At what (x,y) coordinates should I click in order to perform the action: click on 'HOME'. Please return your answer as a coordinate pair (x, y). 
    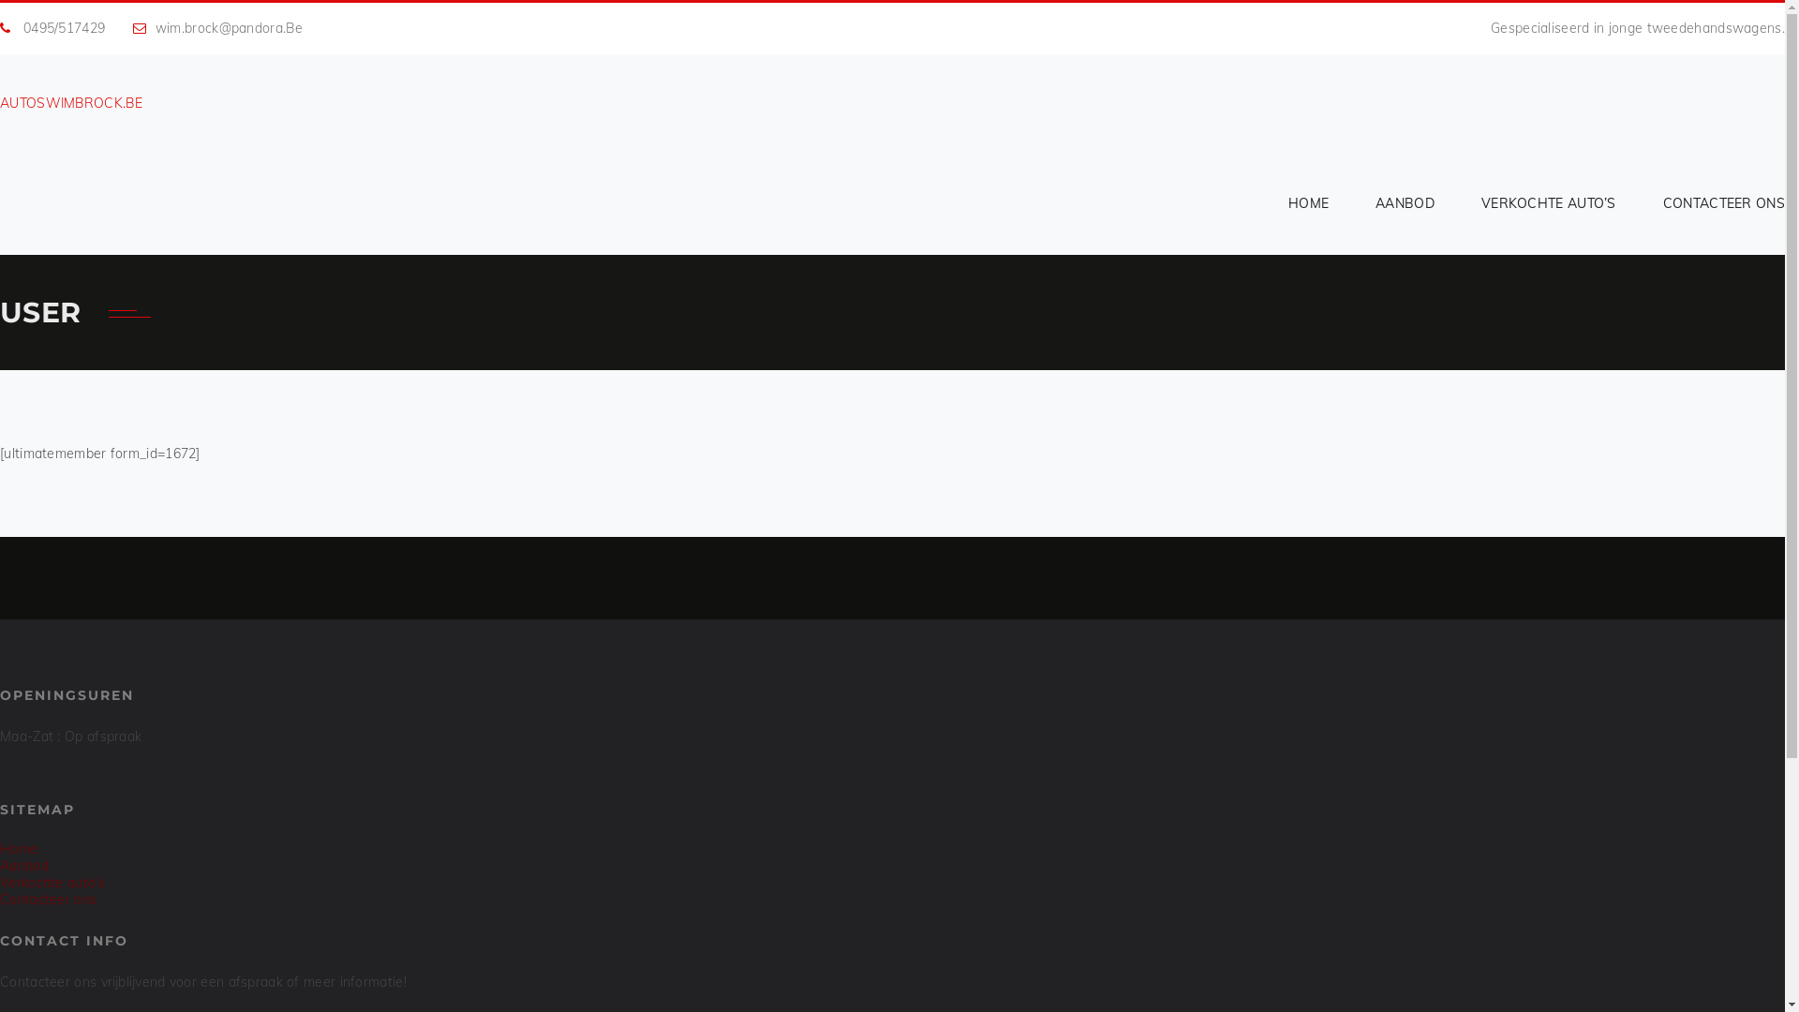
    Looking at the image, I should click on (1307, 202).